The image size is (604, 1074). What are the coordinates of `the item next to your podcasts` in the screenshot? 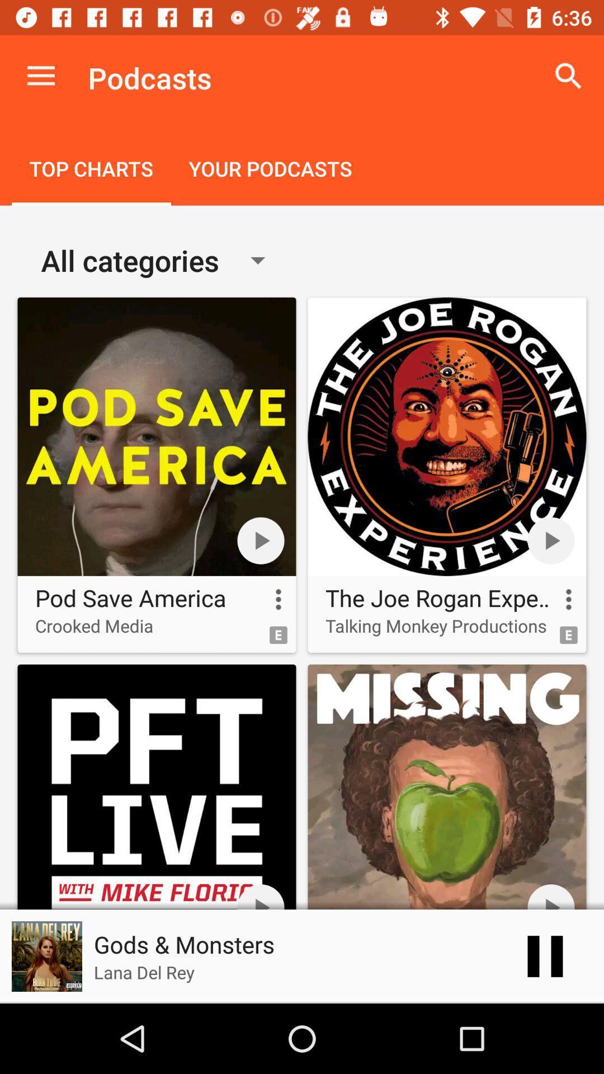 It's located at (91, 169).